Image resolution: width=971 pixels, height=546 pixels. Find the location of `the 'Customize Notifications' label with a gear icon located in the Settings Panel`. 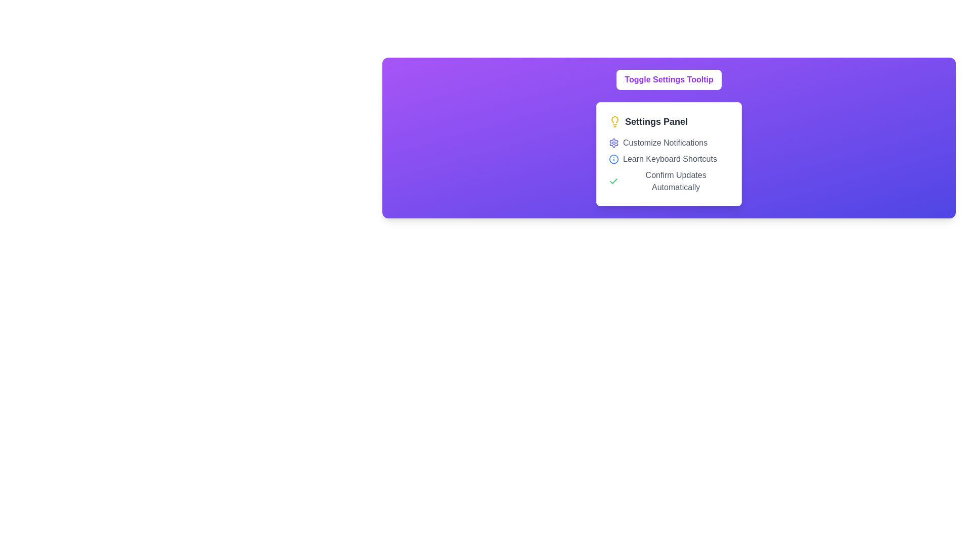

the 'Customize Notifications' label with a gear icon located in the Settings Panel is located at coordinates (669, 143).